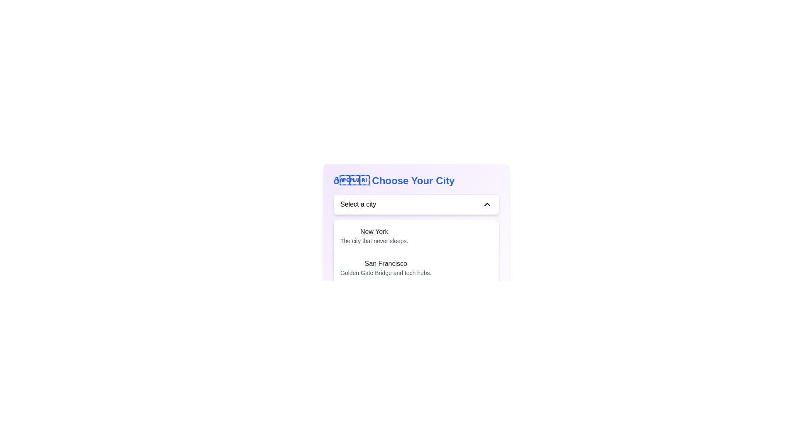 The image size is (797, 448). Describe the element at coordinates (416, 236) in the screenshot. I see `the first list item labeled 'New York'` at that location.